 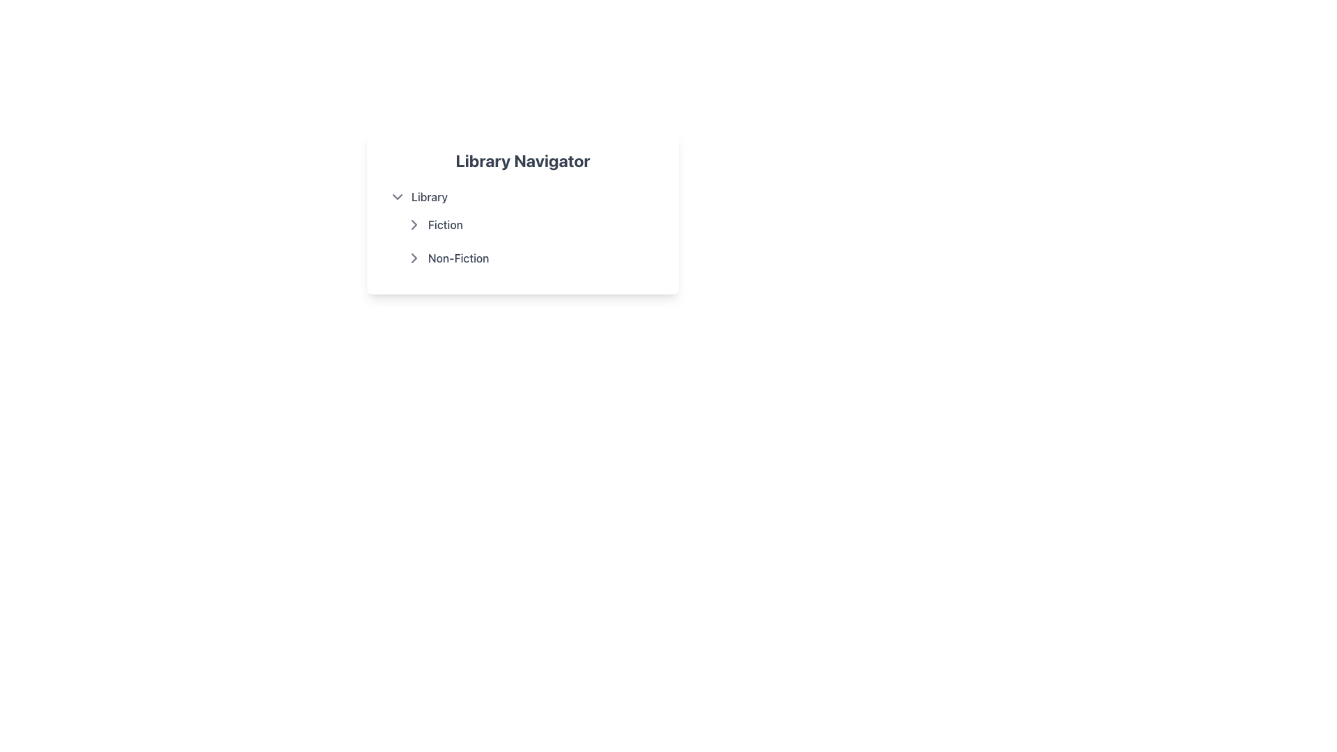 I want to click on the chevron down icon that indicates an expandable menu for the 'Library' category in the navigation system, so click(x=397, y=196).